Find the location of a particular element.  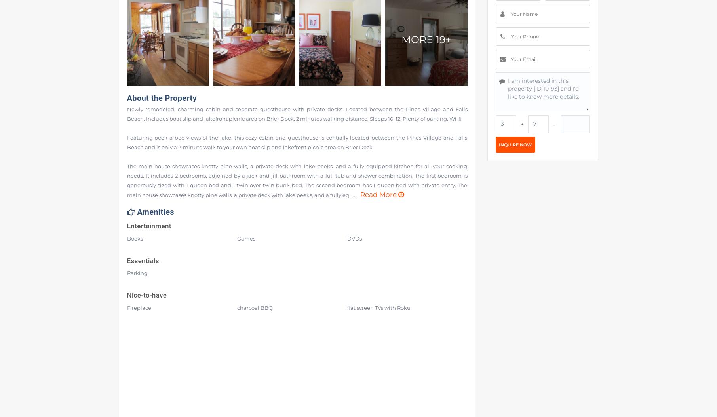

'Read More' is located at coordinates (377, 194).